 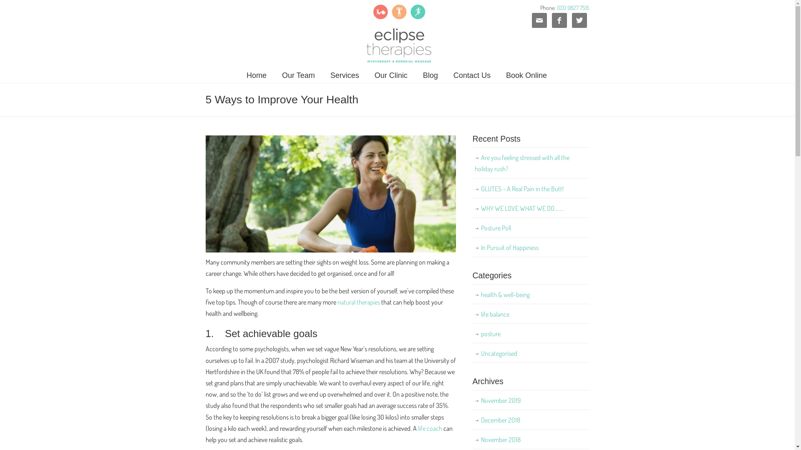 I want to click on 'Posture Poll', so click(x=530, y=228).